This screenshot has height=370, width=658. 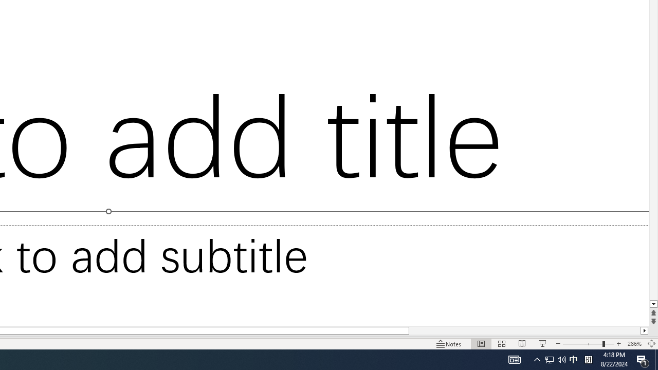 I want to click on 'Zoom 286%', so click(x=634, y=344).